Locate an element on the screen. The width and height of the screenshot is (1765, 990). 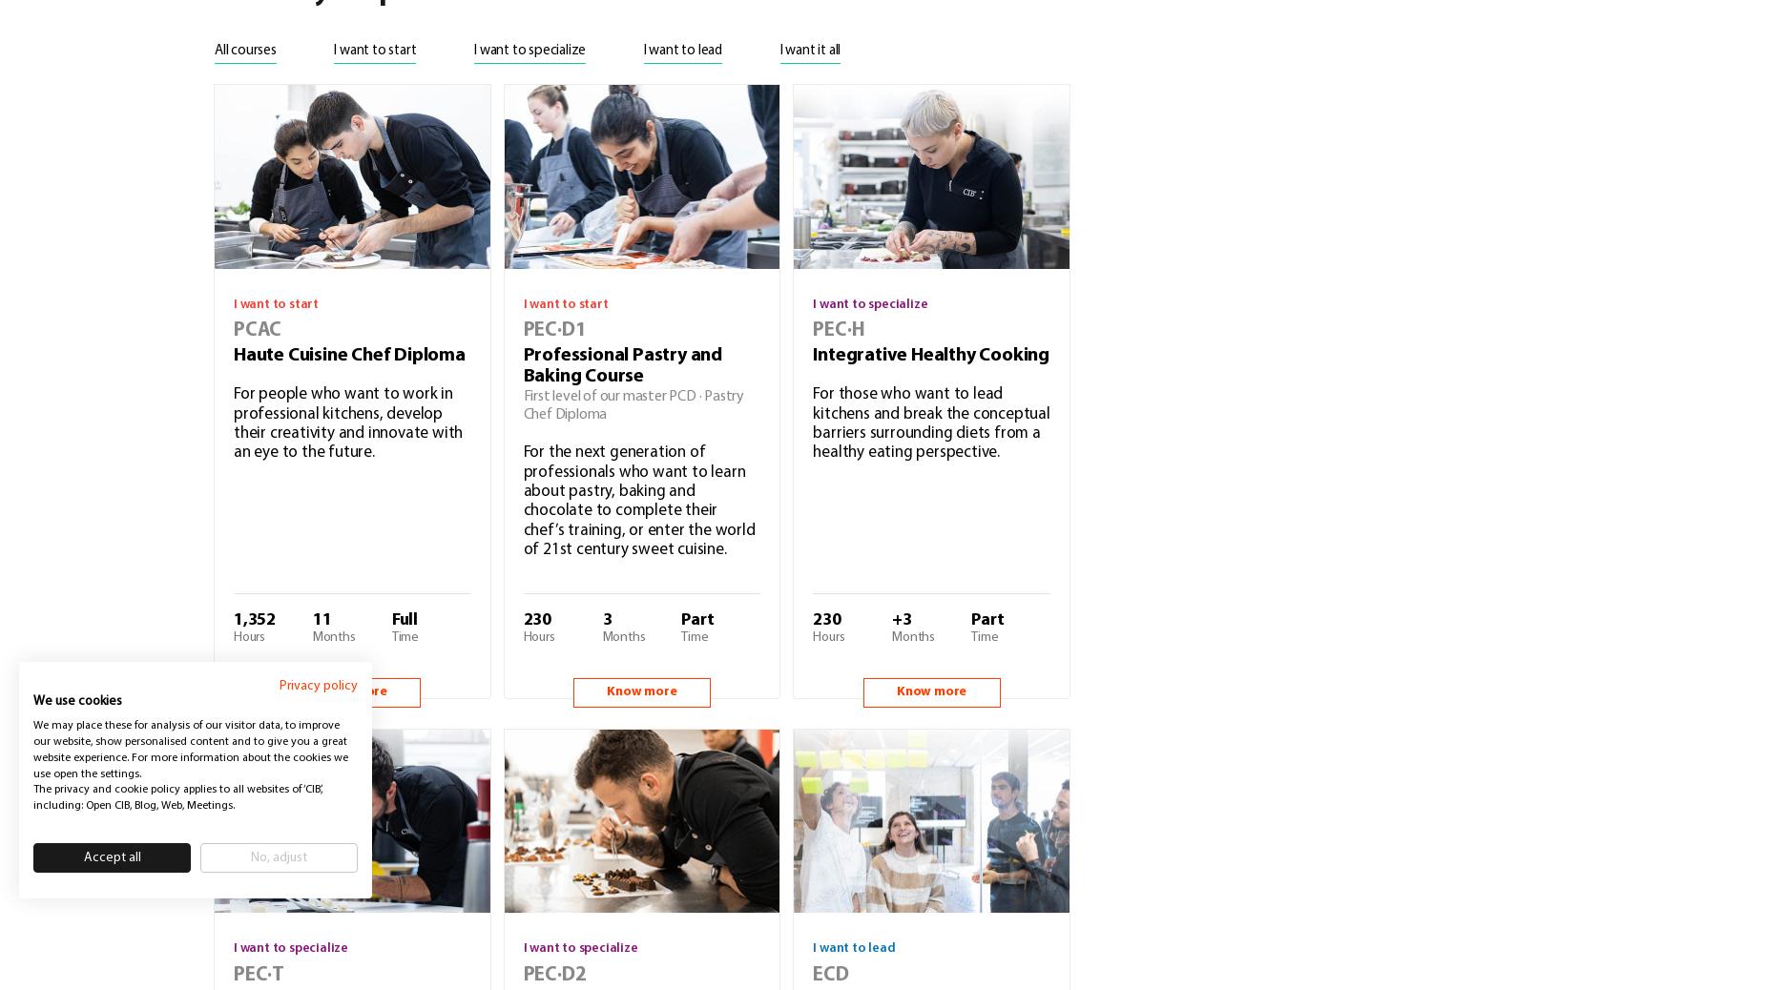
'For those who want to lead kitchens and break the conceptual barriers surrounding diets from a healthy eating perspective.' is located at coordinates (812, 423).